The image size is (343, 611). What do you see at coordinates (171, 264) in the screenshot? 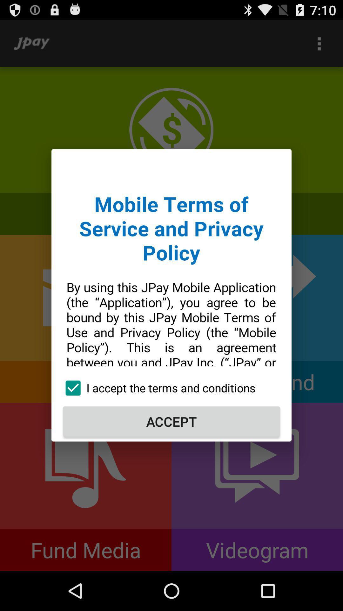
I see `terms of service` at bounding box center [171, 264].